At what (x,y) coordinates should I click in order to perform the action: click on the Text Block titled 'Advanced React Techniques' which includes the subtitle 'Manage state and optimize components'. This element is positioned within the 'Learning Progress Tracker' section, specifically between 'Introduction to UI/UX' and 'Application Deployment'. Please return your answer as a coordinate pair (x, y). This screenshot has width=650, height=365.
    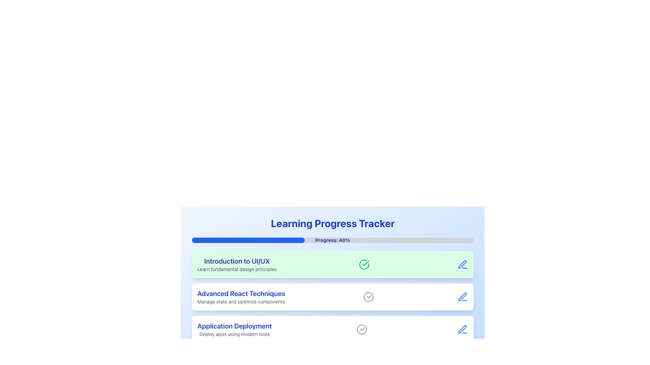
    Looking at the image, I should click on (241, 297).